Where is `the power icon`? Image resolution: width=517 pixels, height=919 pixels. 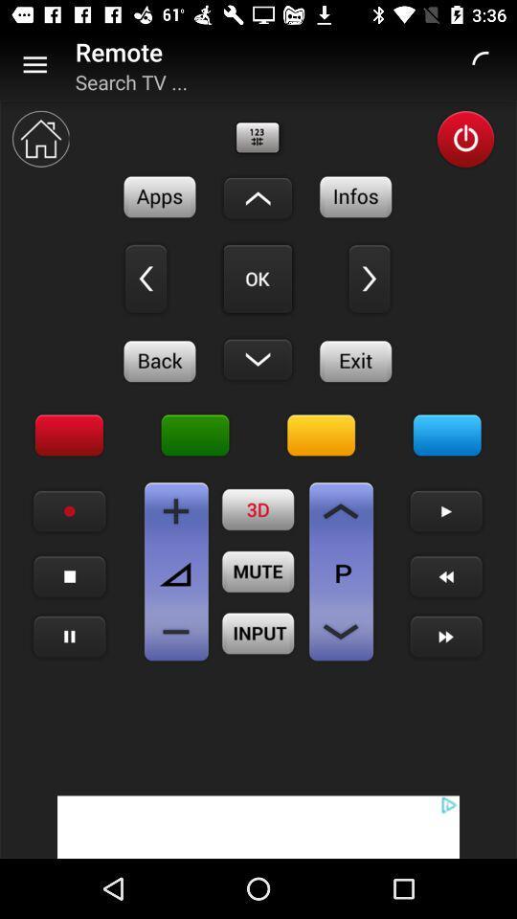
the power icon is located at coordinates (464, 138).